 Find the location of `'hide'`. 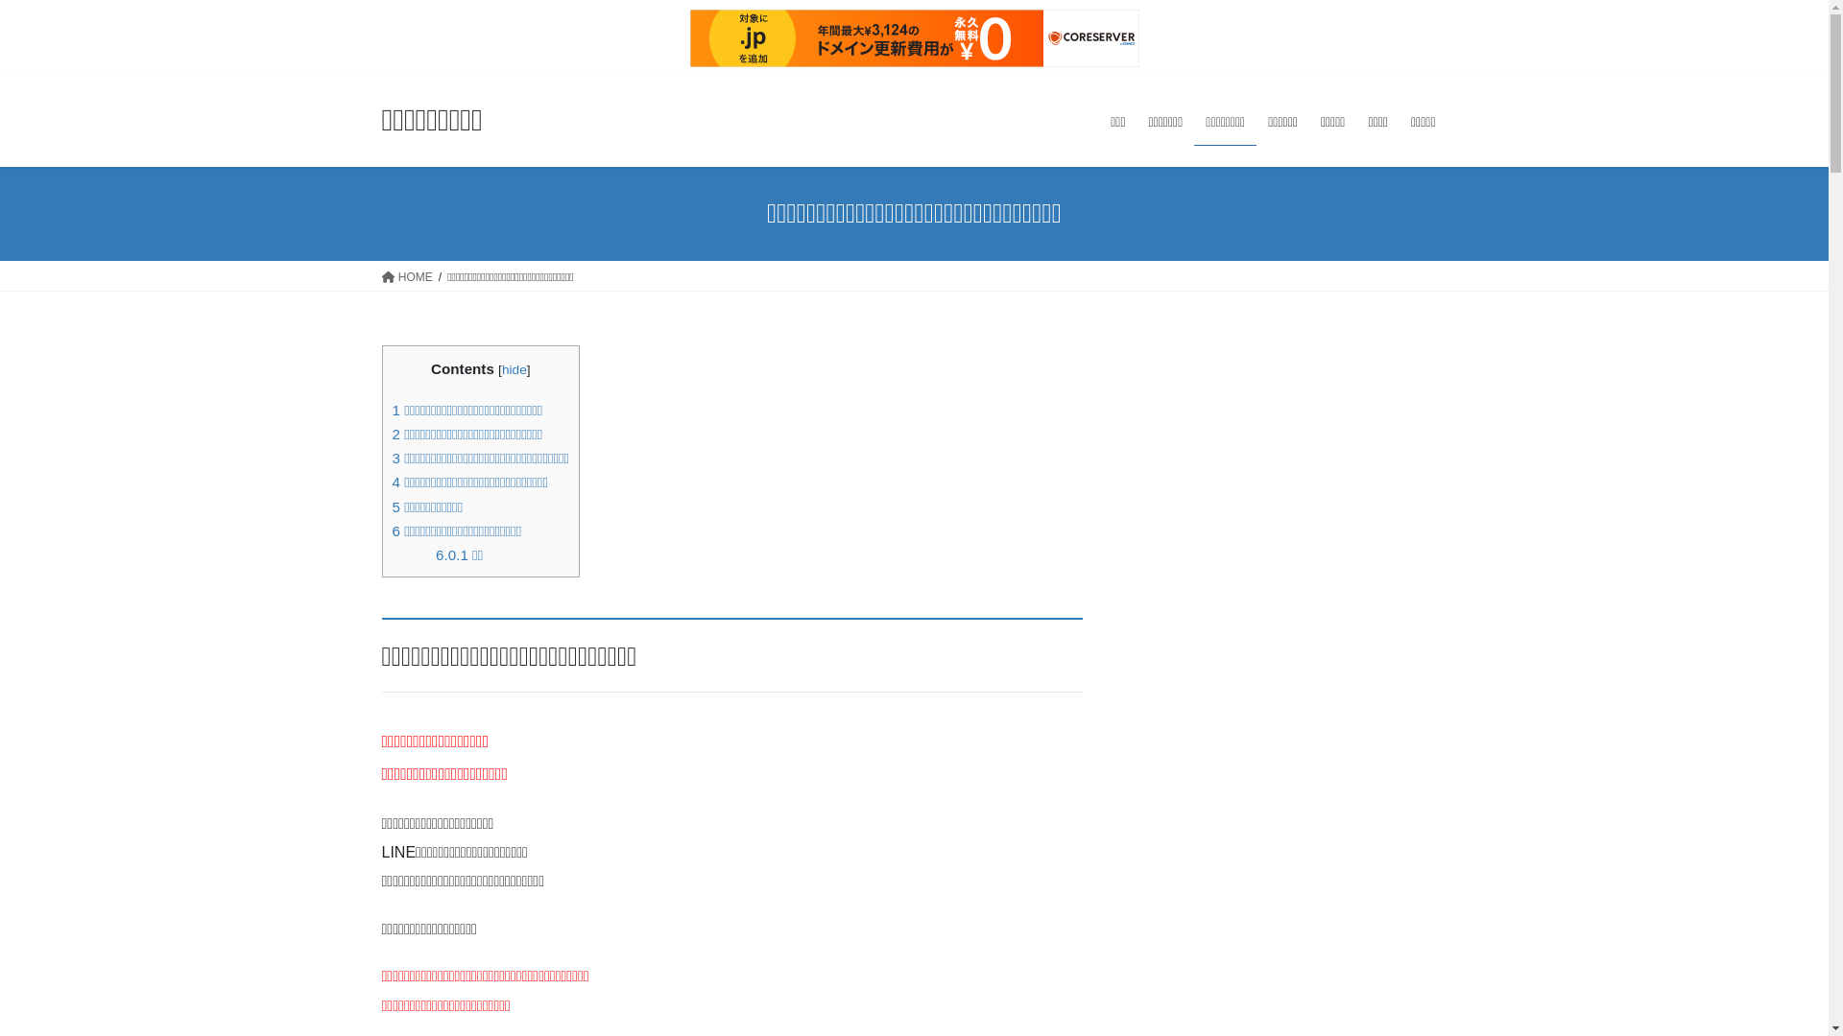

'hide' is located at coordinates (515, 369).